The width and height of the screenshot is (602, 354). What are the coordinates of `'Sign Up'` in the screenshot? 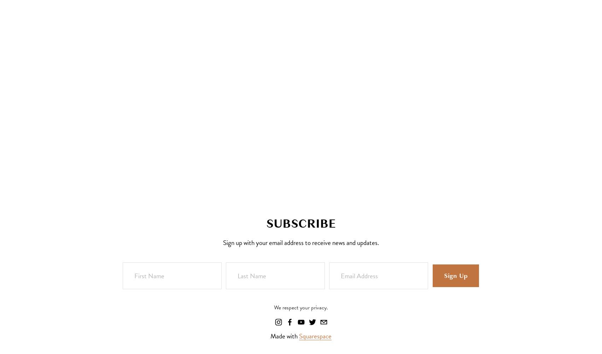 It's located at (455, 275).